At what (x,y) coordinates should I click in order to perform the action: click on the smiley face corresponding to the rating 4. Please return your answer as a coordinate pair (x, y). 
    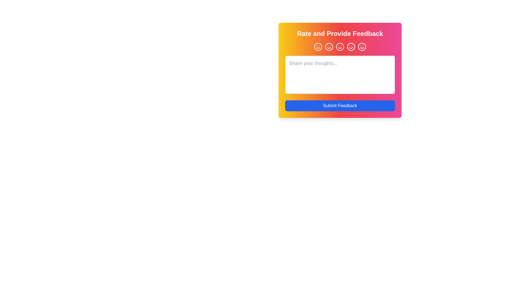
    Looking at the image, I should click on (351, 46).